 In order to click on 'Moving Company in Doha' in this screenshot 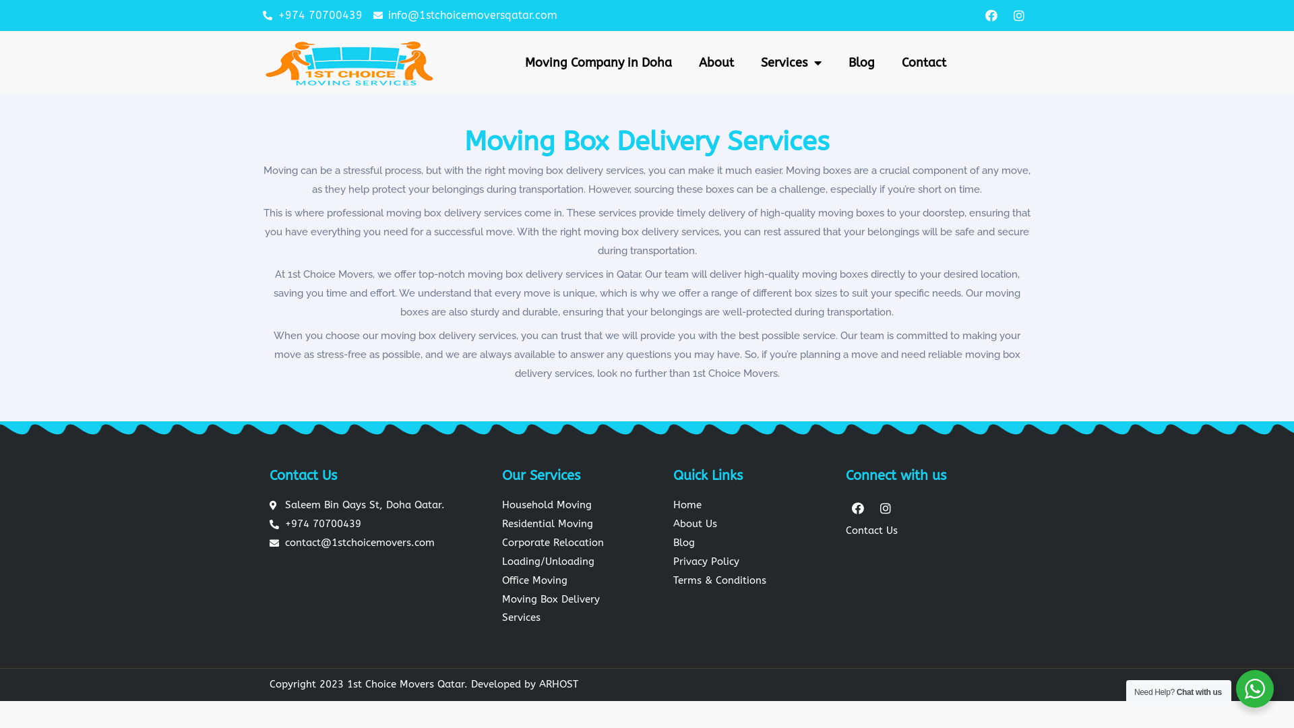, I will do `click(598, 62)`.